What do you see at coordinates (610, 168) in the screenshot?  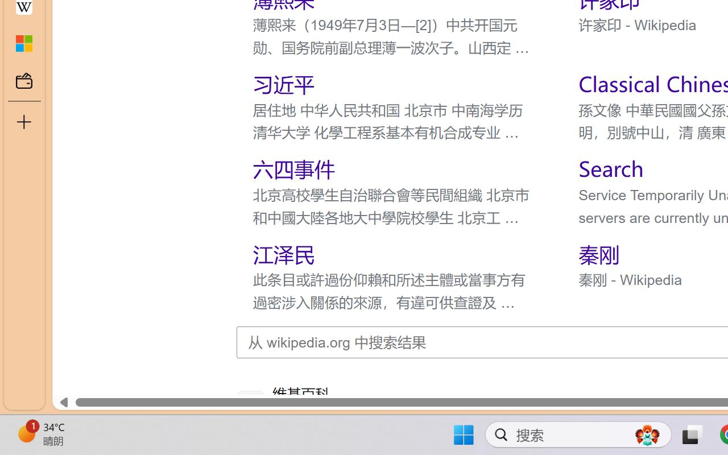 I see `'Search'` at bounding box center [610, 168].